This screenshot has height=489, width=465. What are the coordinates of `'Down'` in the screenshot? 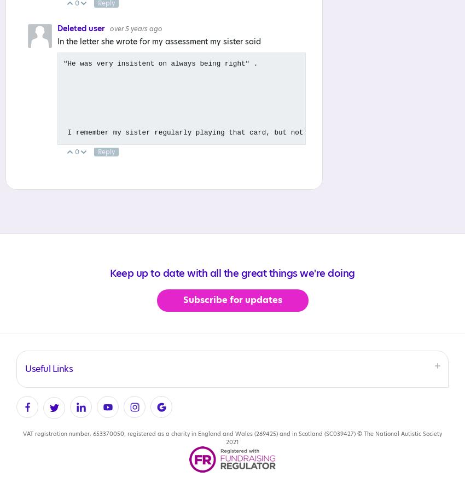 It's located at (100, 152).